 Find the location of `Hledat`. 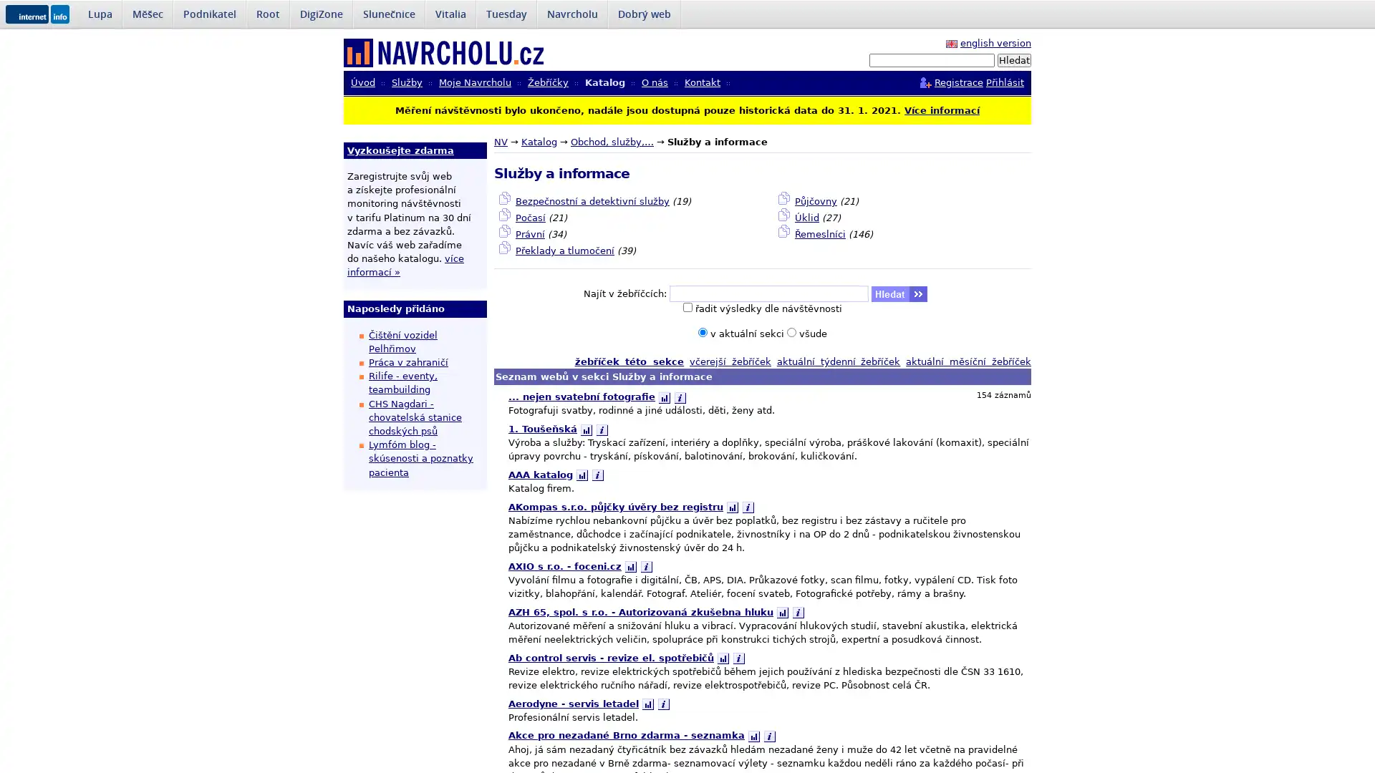

Hledat is located at coordinates (899, 293).